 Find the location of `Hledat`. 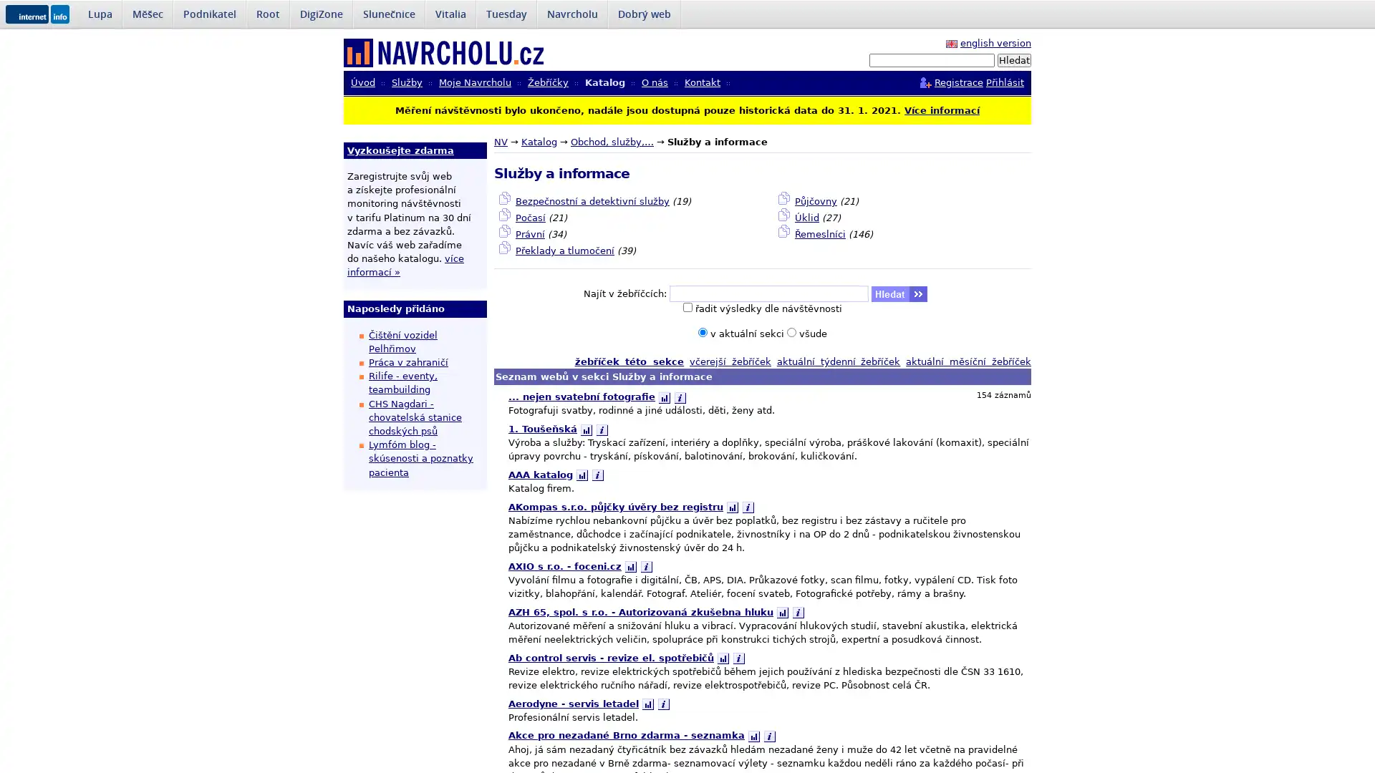

Hledat is located at coordinates (899, 293).